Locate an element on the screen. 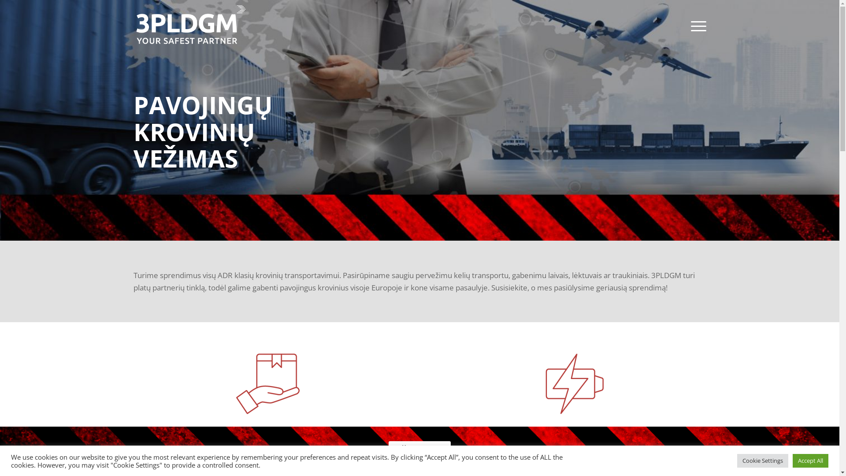 The width and height of the screenshot is (846, 476). 'City Infrastructure' is located at coordinates (419, 120).